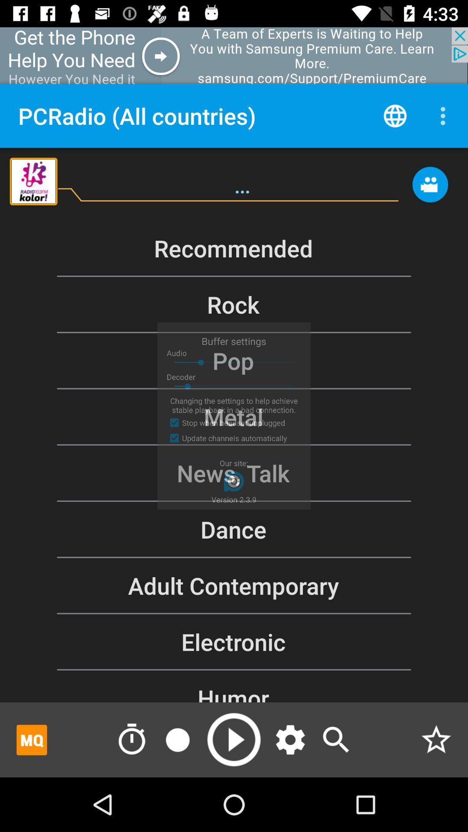  I want to click on options button, so click(290, 739).